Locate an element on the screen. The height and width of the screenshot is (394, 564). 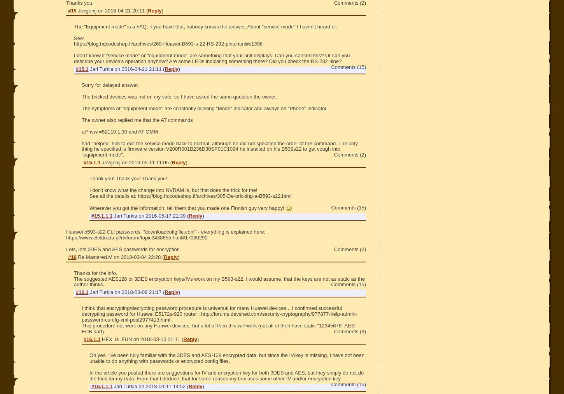
'See all the details at: https://blog.hqcodeshop.fi/archives/305-De-bricking-a-B593-s22.html' is located at coordinates (190, 196).